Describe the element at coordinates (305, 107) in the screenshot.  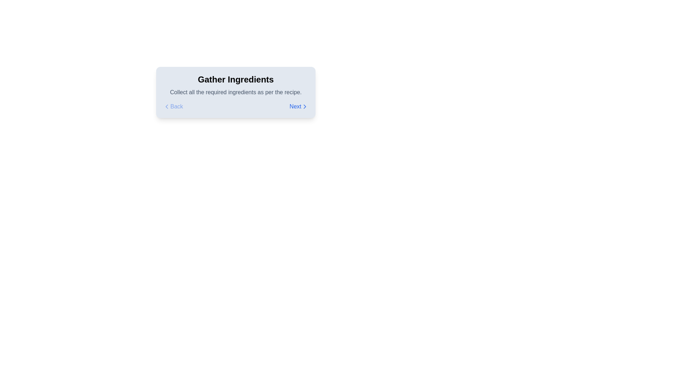
I see `the rightward-pointing chevron icon styled with a clean, minimalist design, located to the right of the 'Next' text label in the bottom-right corner of the card UI panel` at that location.